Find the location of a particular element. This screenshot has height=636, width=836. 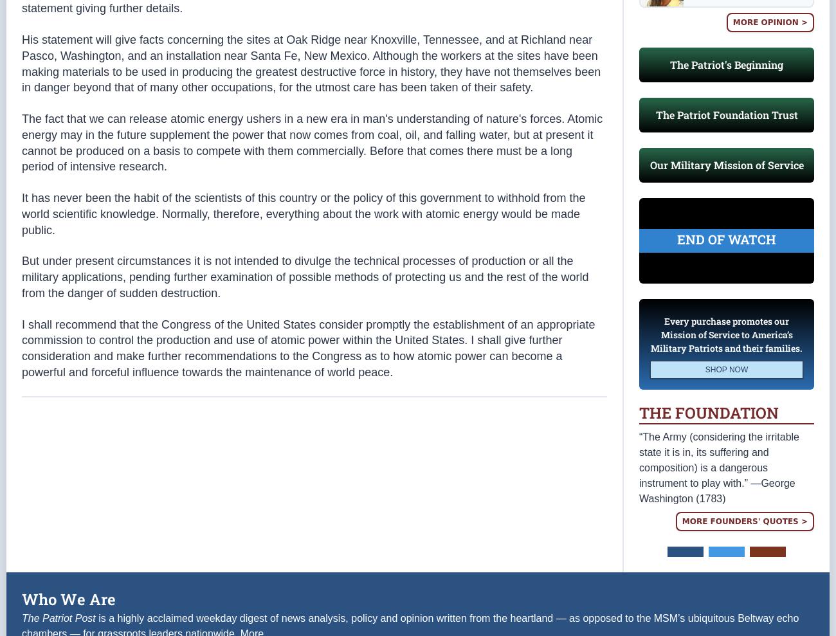

'The fact that we can release atomic energy ushers in a new era in man's understanding of nature's forces. Atomic energy may in the future supplement the power that now comes from coal, oil, and falling water, but at present it cannot be produced on a basis to compete with them commercially. Before that comes there must be a long period of intensive research.' is located at coordinates (311, 142).